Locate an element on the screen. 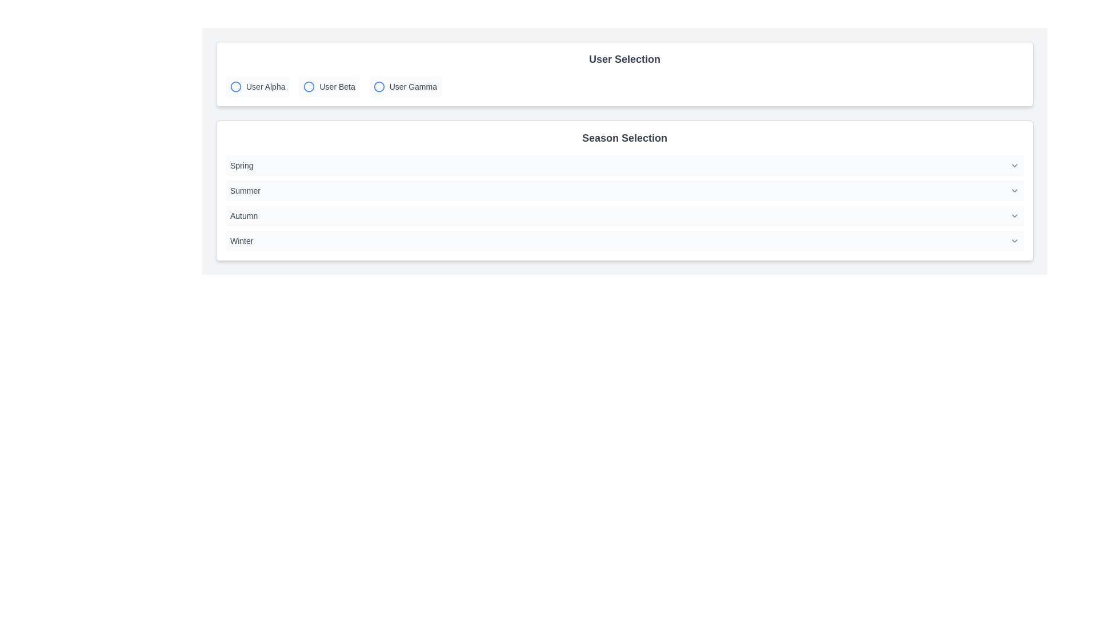  the selectable radio button styled option labeled 'User Gamma', which is the third option in the 'User Selection' section, visually indicated by a circular icon with a blue outline and dark gray text on a light gray background is located at coordinates (405, 86).